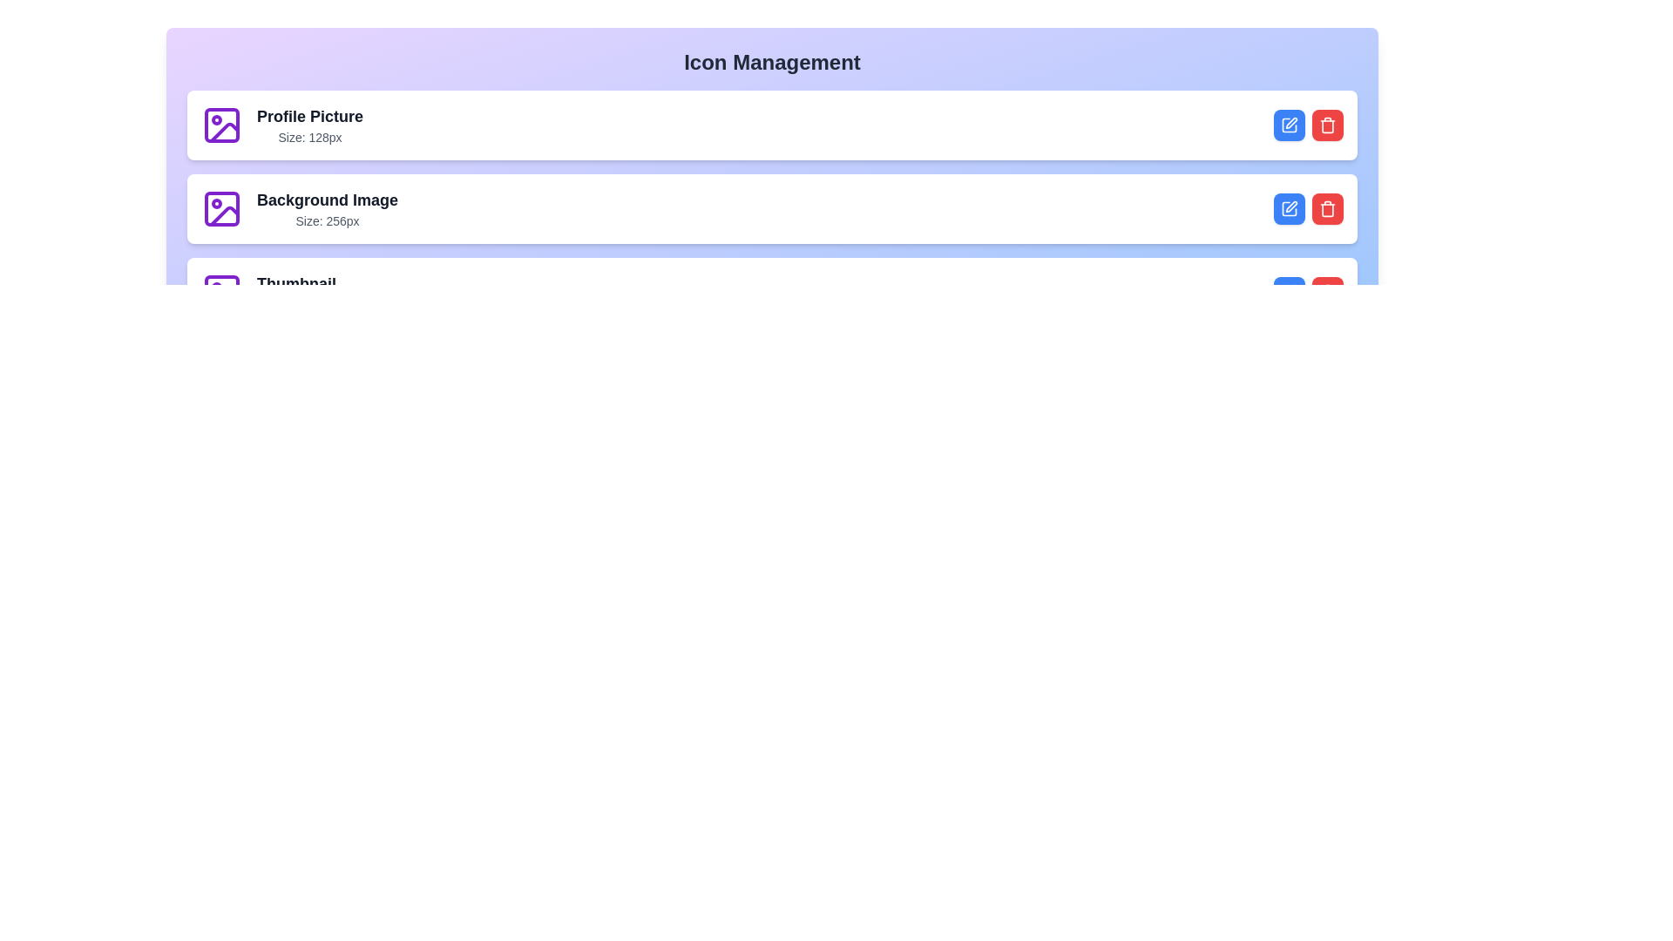 This screenshot has width=1673, height=941. Describe the element at coordinates (296, 283) in the screenshot. I see `bold text label 'Thumbnail' located in the bottom section of the listed group of items, specifically the third entry underneath 'Profile Picture' and 'Background Image'` at that location.